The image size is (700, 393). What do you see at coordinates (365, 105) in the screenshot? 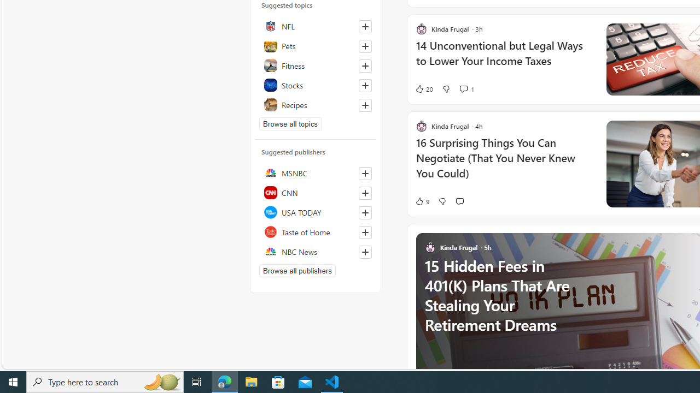
I see `'Follow this topic'` at bounding box center [365, 105].